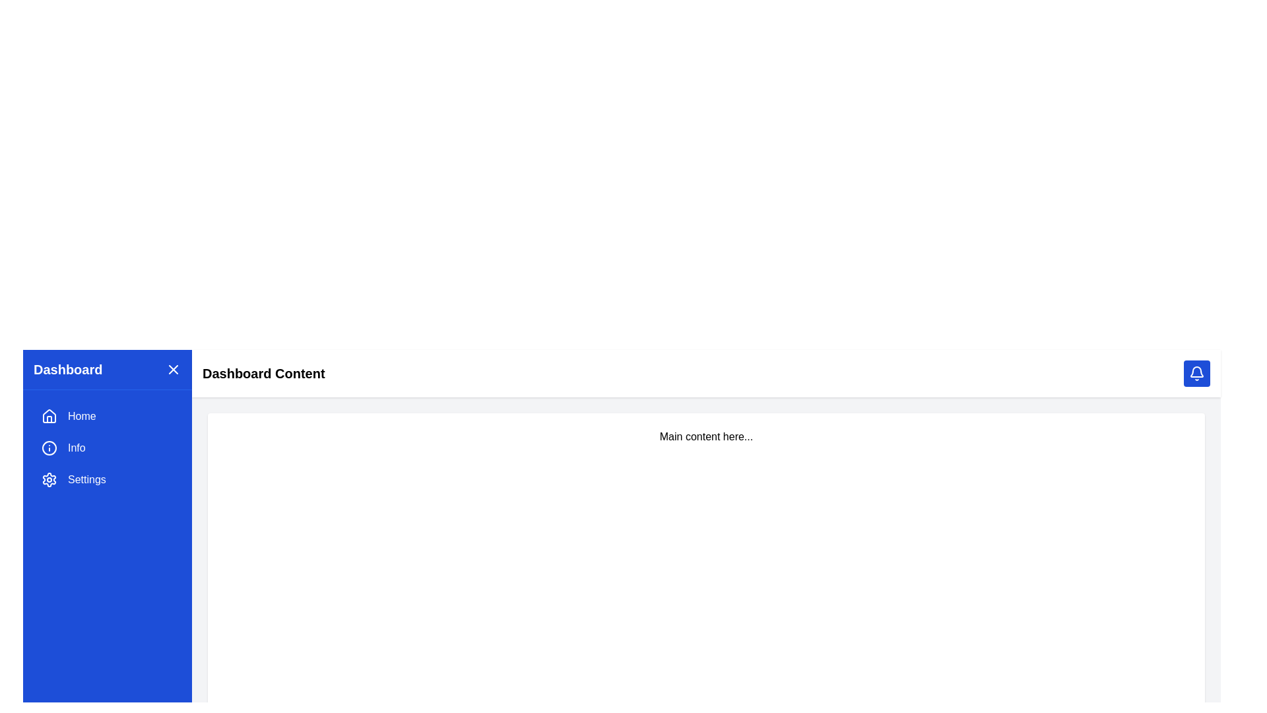 This screenshot has width=1267, height=713. I want to click on the bell icon located in the top-right corner of the interface, so click(1197, 374).